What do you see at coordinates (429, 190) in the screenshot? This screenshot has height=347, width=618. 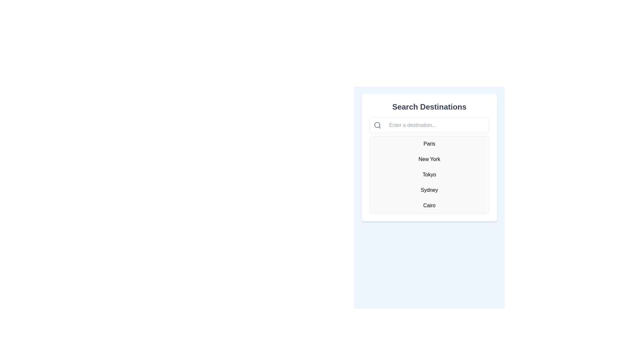 I see `to select the list item displaying 'Sydney', which is the fourth entry in the city names list` at bounding box center [429, 190].